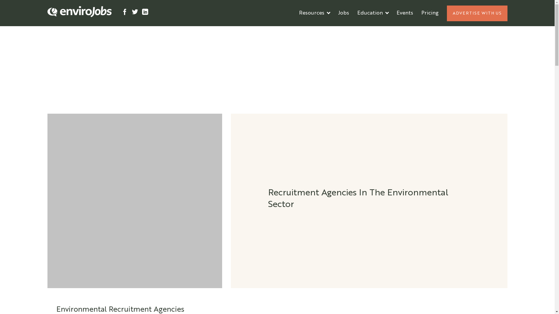 The image size is (559, 314). What do you see at coordinates (320, 31) in the screenshot?
I see `'Free Career Help'` at bounding box center [320, 31].